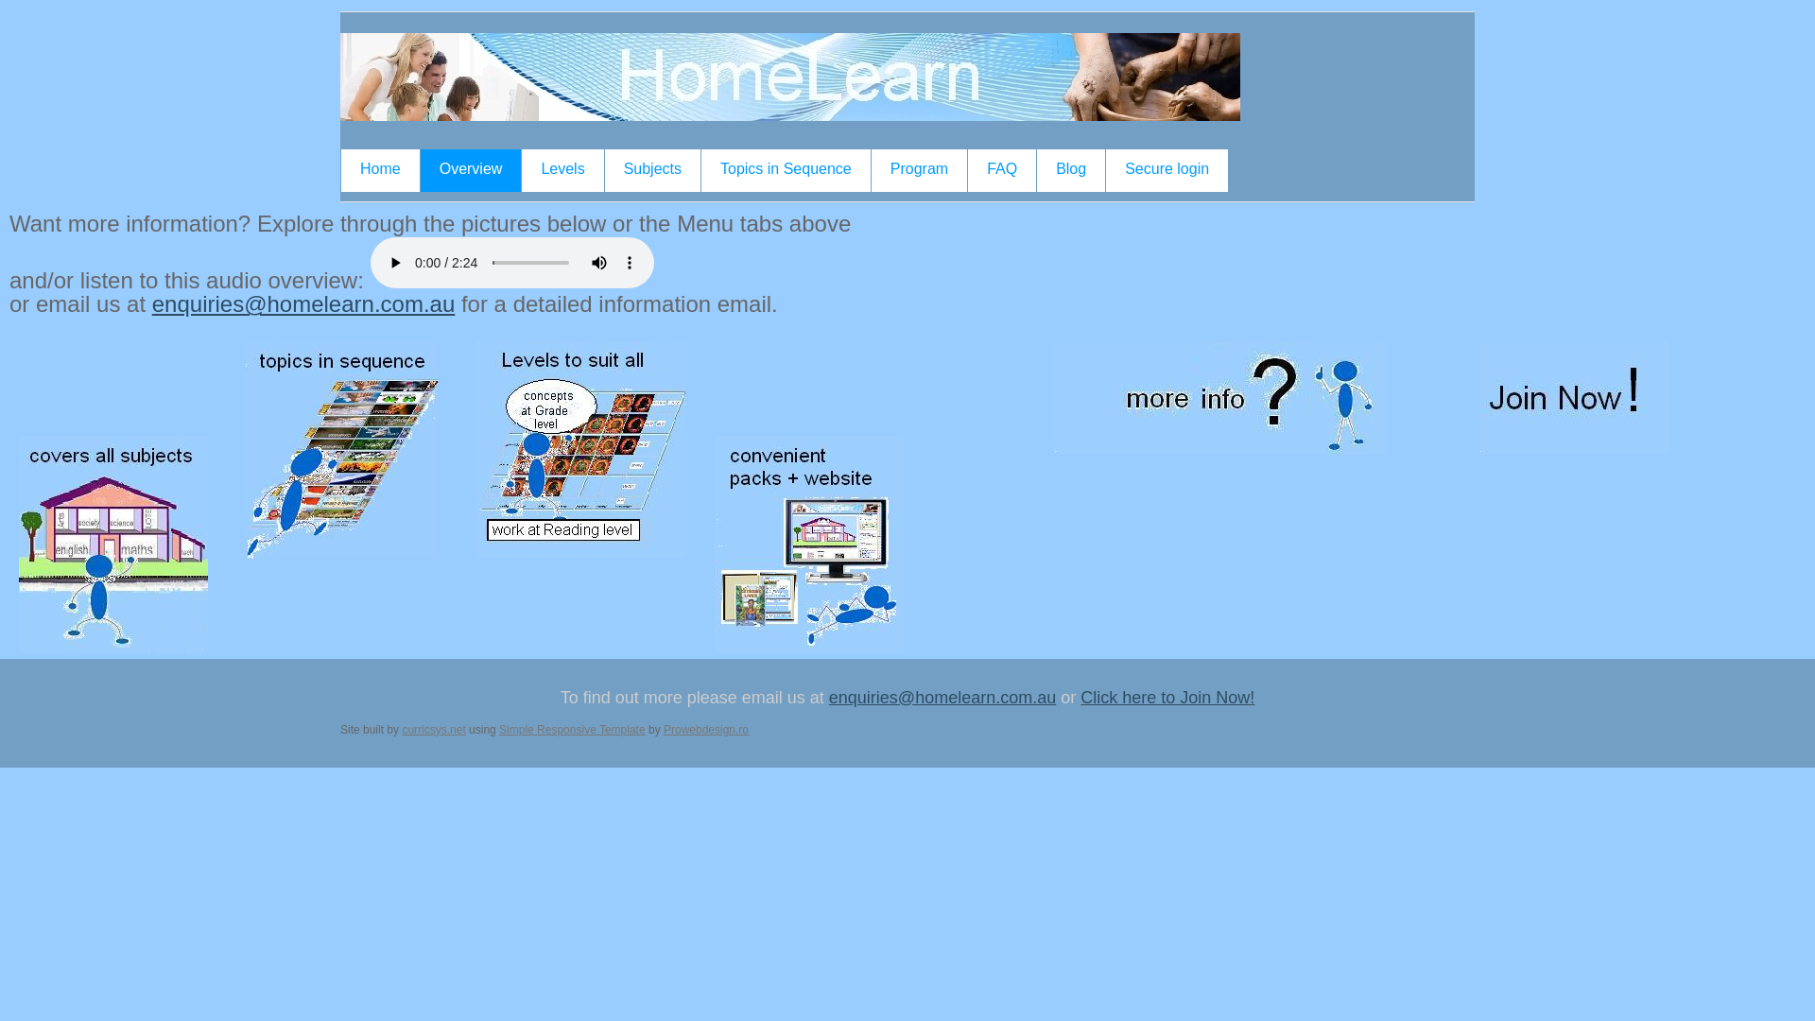 The width and height of the screenshot is (1815, 1021). What do you see at coordinates (967, 170) in the screenshot?
I see `'FAQ'` at bounding box center [967, 170].